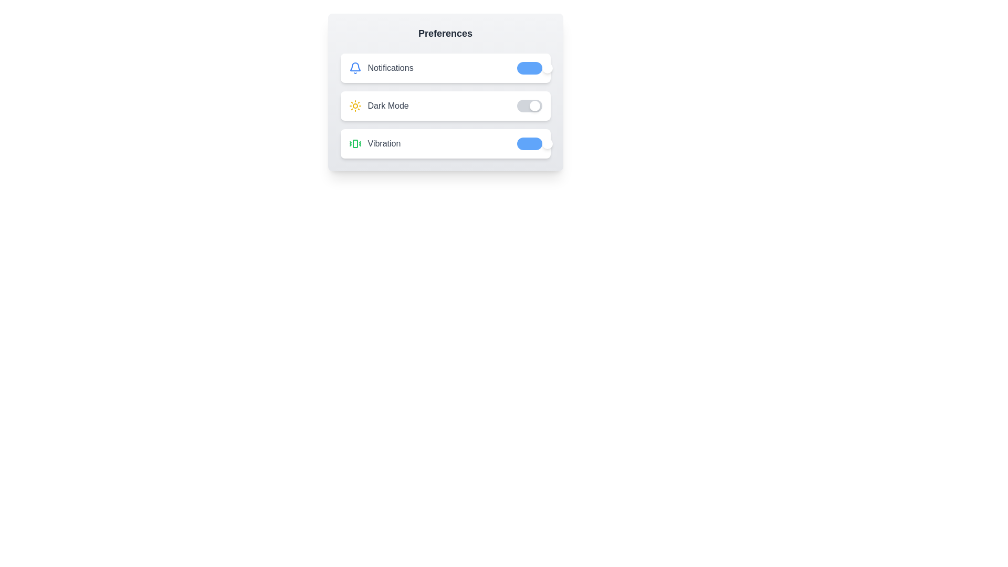  I want to click on the yellow sun icon located to the left of the 'Dark Mode' text label in the preferences list, so click(355, 106).